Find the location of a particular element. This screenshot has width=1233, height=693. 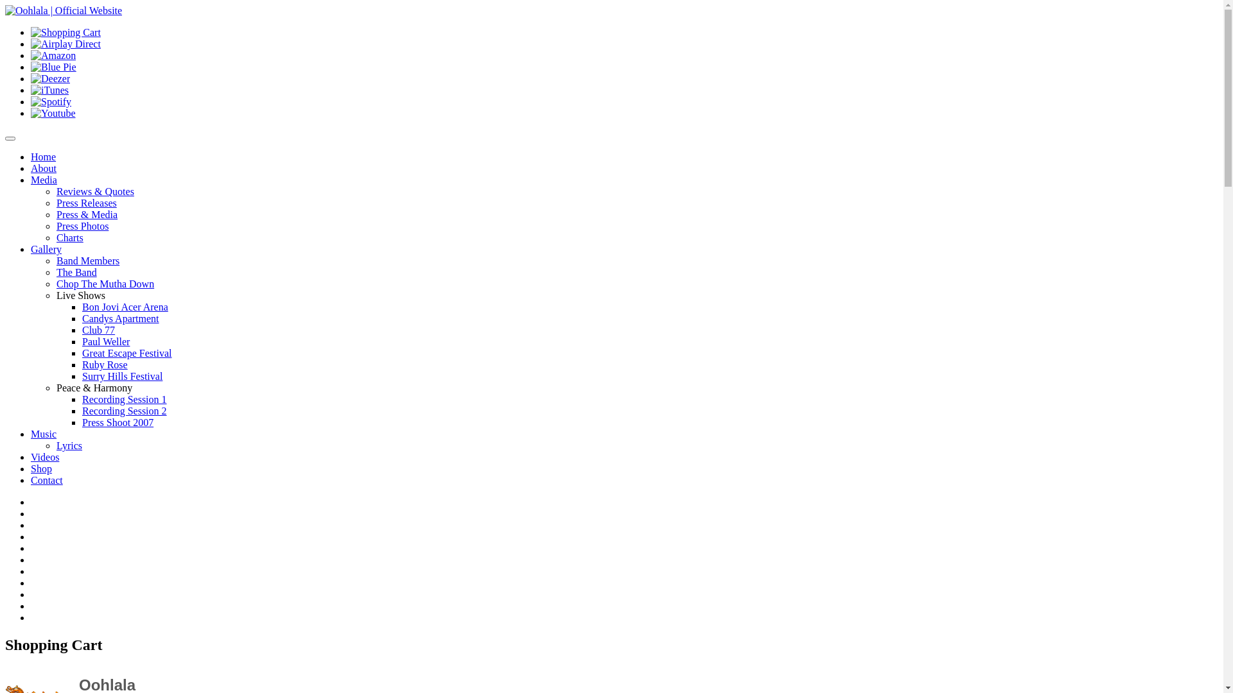

'Oohlala | Official Website' is located at coordinates (63, 10).